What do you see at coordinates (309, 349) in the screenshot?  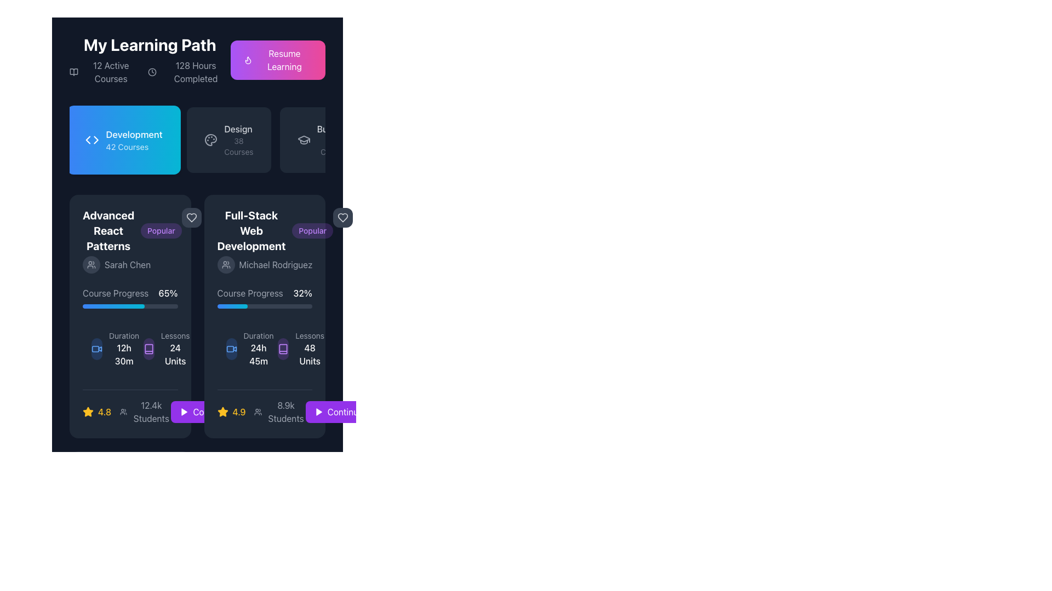 I see `the Text block displaying 'Lessons' and '48 Units' located in the lower right section of the card titled 'Full-Stack Web Development'` at bounding box center [309, 349].